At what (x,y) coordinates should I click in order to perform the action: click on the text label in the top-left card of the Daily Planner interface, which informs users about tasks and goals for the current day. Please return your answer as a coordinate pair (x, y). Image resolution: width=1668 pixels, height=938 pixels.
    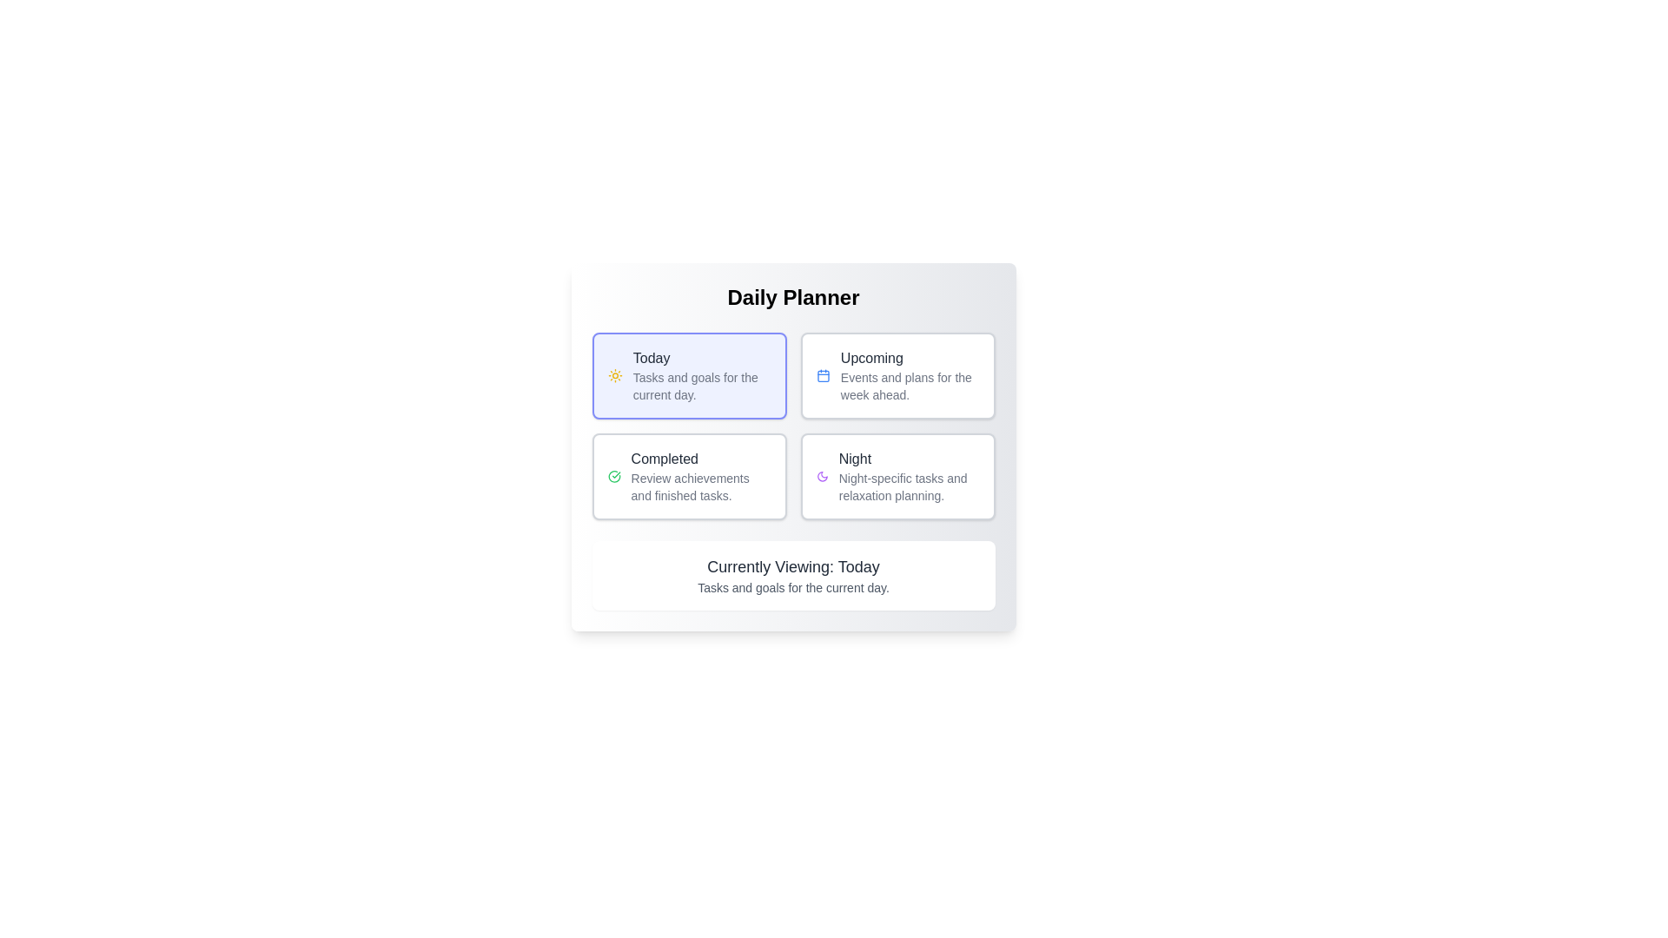
    Looking at the image, I should click on (702, 374).